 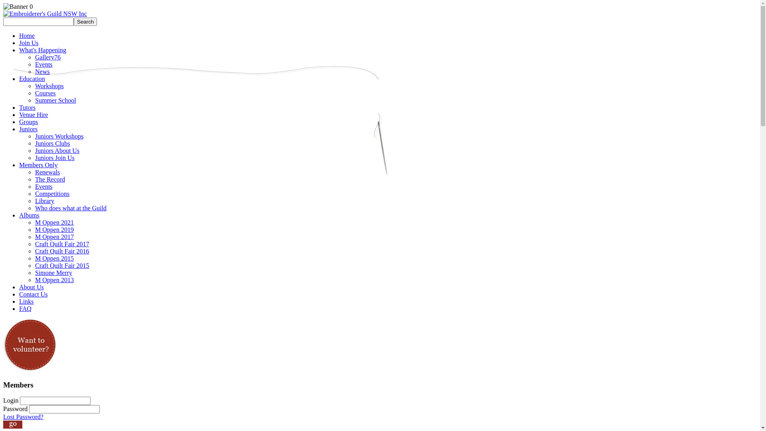 I want to click on 'Courses', so click(x=45, y=93).